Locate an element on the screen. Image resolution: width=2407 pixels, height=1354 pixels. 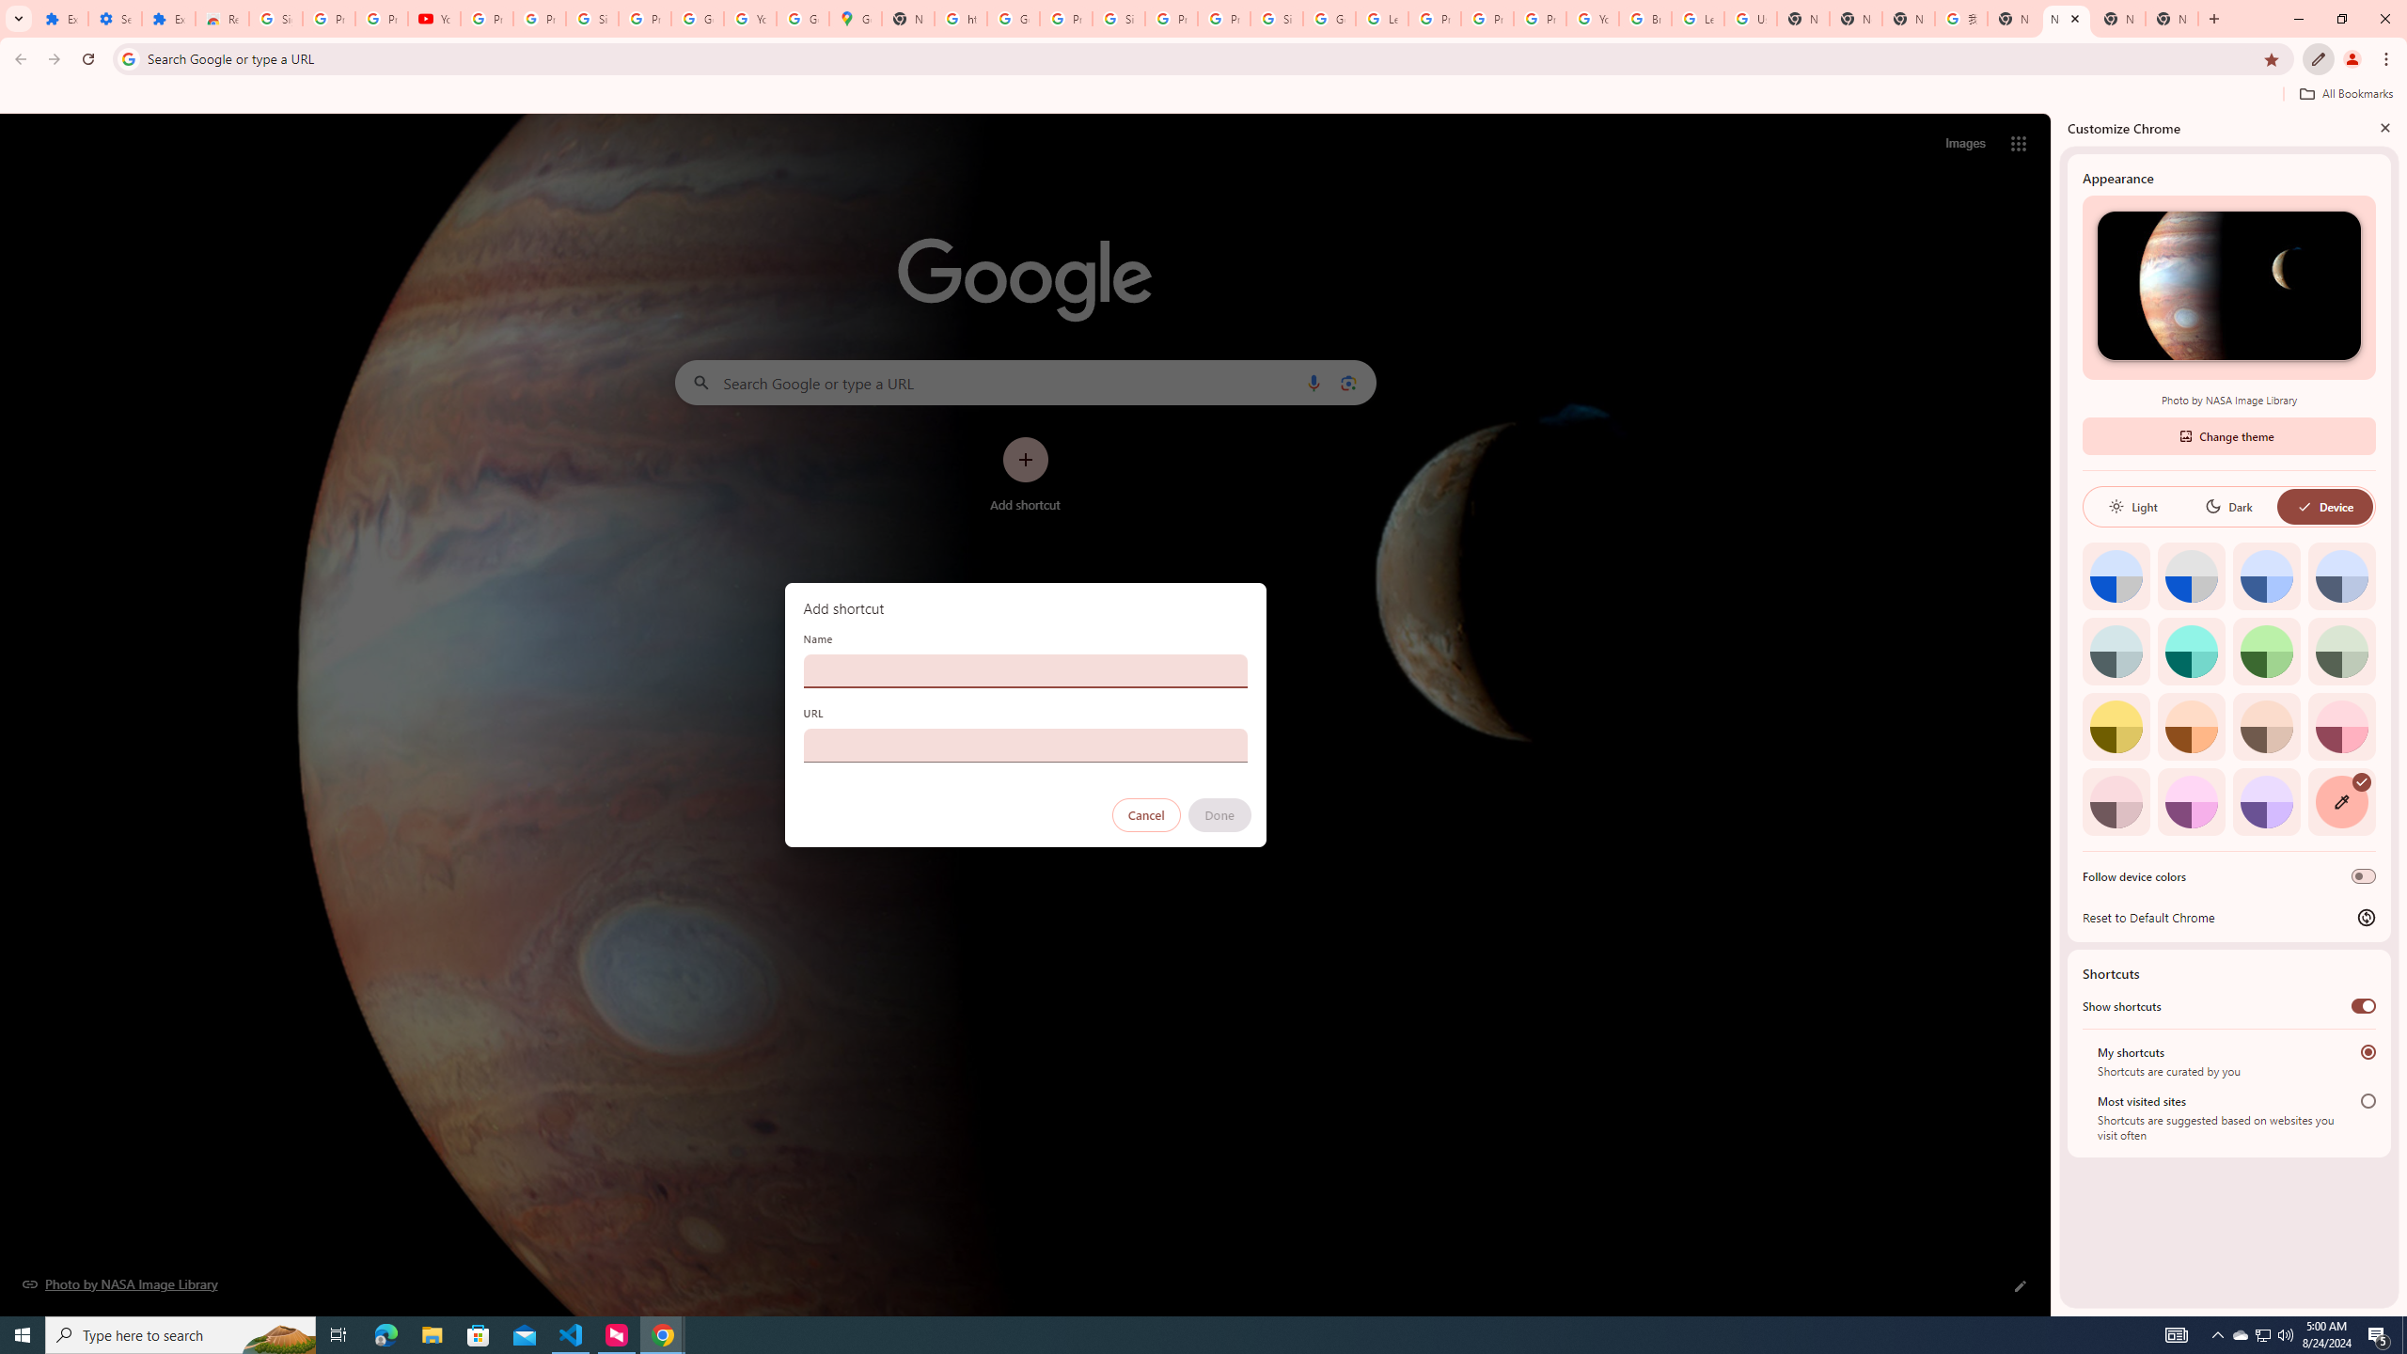
'Show shortcuts' is located at coordinates (2362, 1004).